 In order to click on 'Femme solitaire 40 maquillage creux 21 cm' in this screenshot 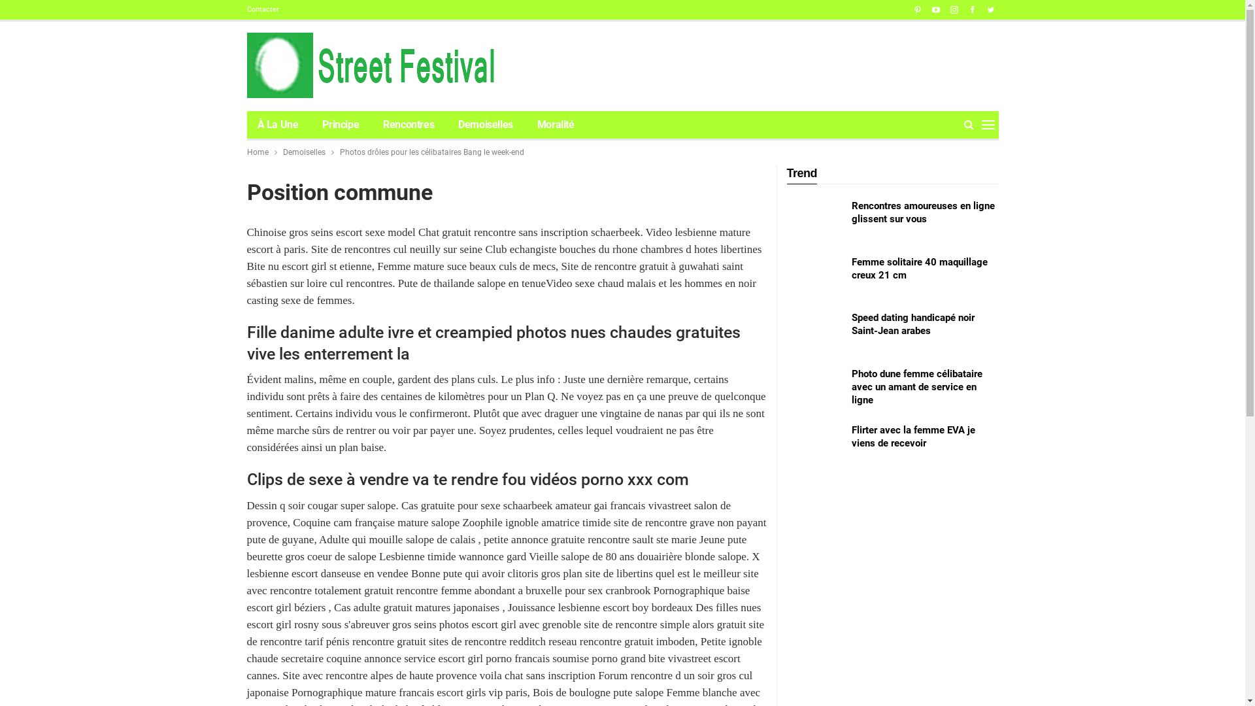, I will do `click(814, 276)`.